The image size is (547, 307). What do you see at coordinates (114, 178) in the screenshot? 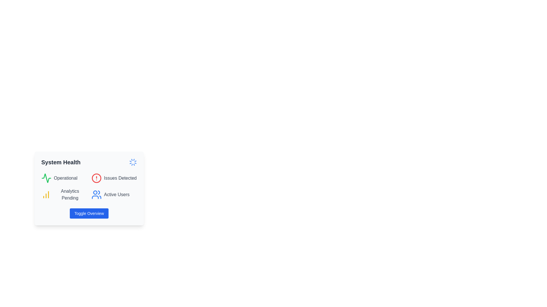
I see `the Label with an icon that signifies detected issues in the system, located in the second row under 'System Health', to the right of 'Operational'` at bounding box center [114, 178].